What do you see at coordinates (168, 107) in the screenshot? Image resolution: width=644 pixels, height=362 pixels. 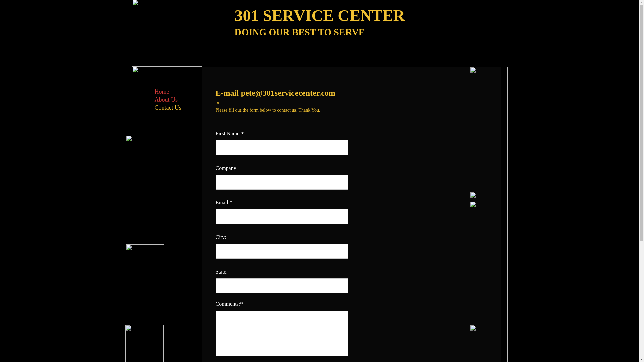 I see `'Contact Us'` at bounding box center [168, 107].